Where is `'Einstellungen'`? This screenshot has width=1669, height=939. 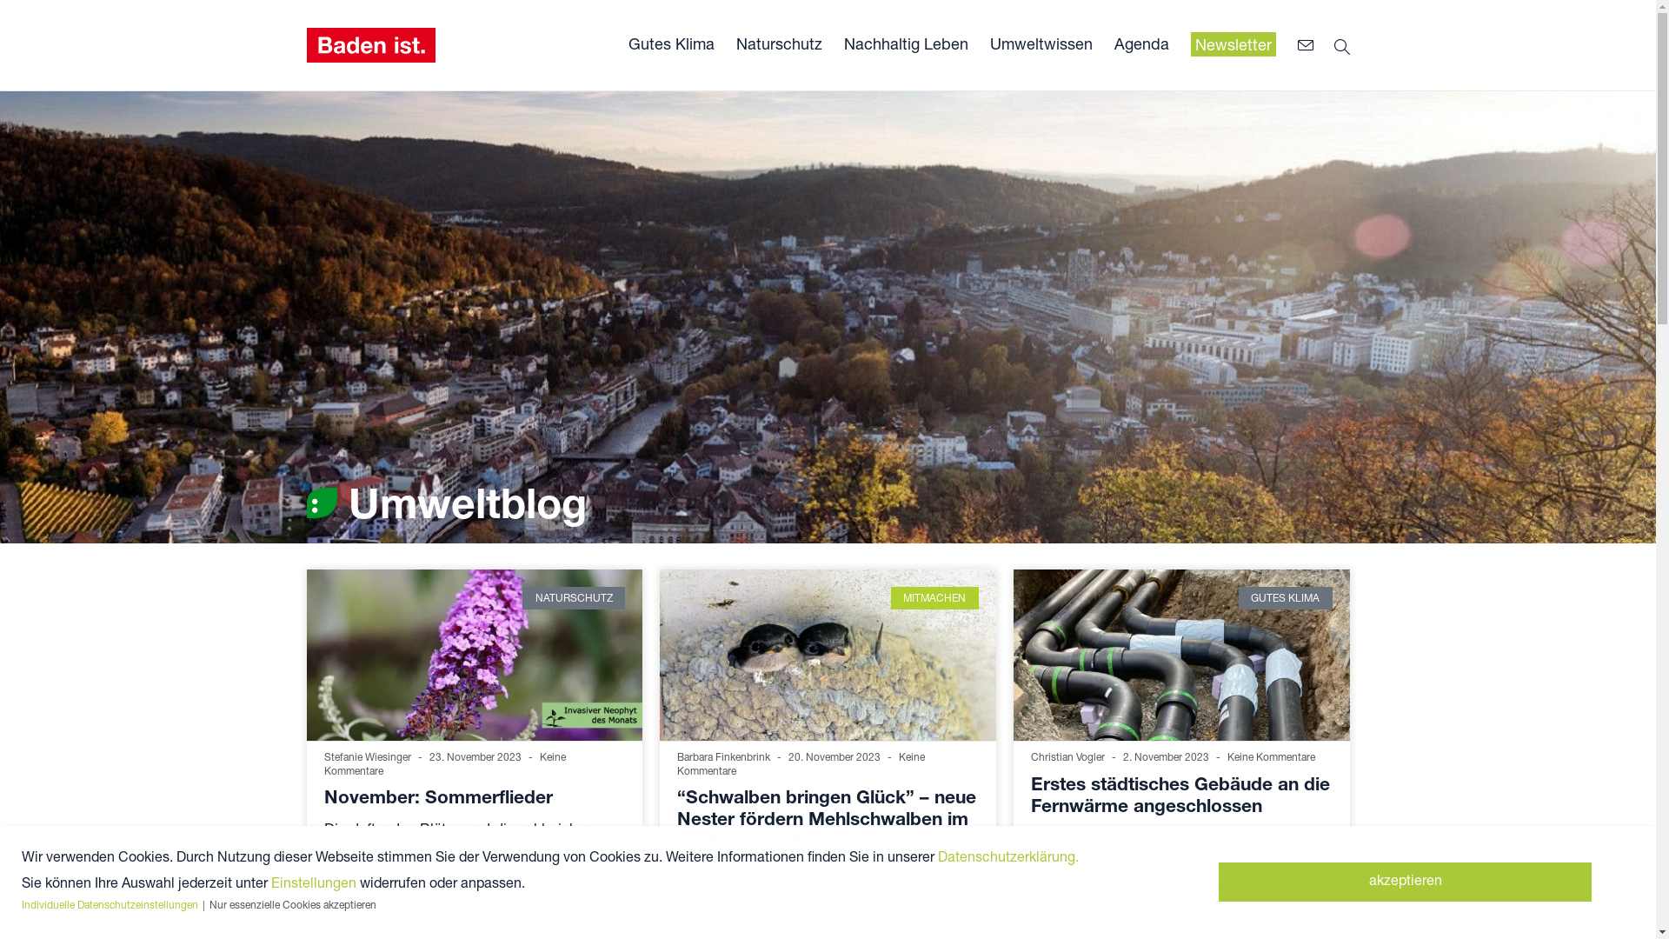
'Einstellungen' is located at coordinates (313, 882).